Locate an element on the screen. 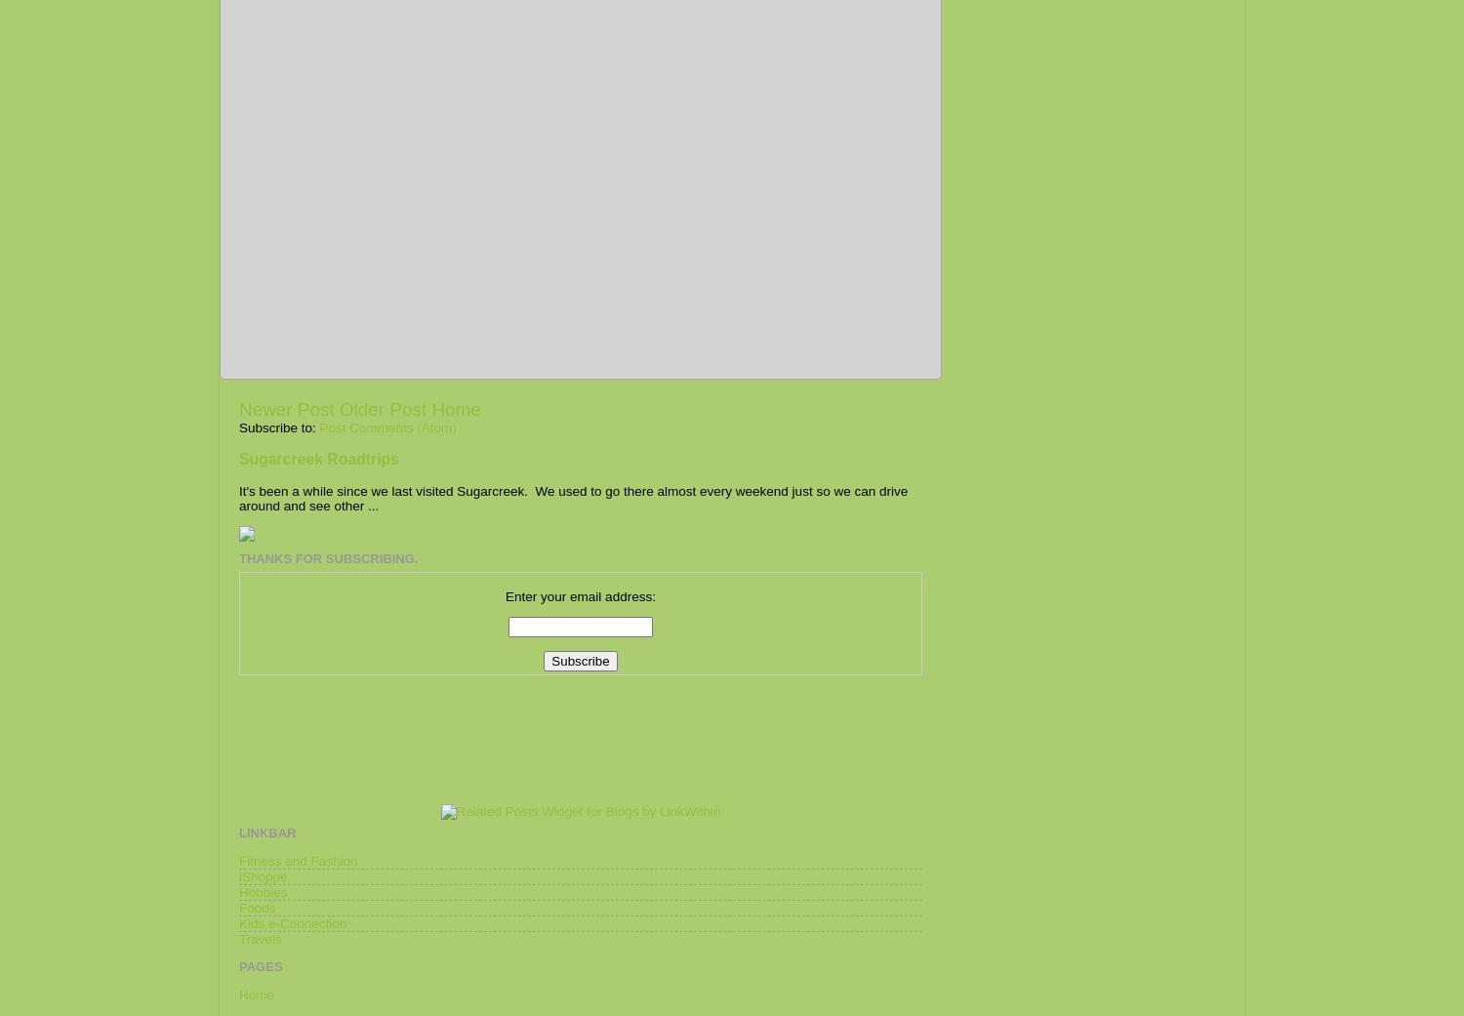 The image size is (1464, 1016). 'Hobbies' is located at coordinates (263, 890).